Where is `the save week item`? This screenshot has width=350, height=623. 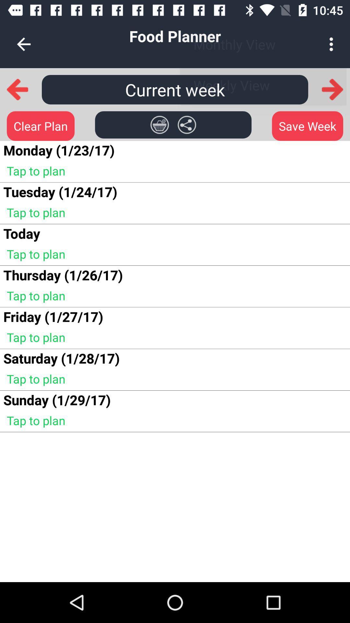
the save week item is located at coordinates (307, 126).